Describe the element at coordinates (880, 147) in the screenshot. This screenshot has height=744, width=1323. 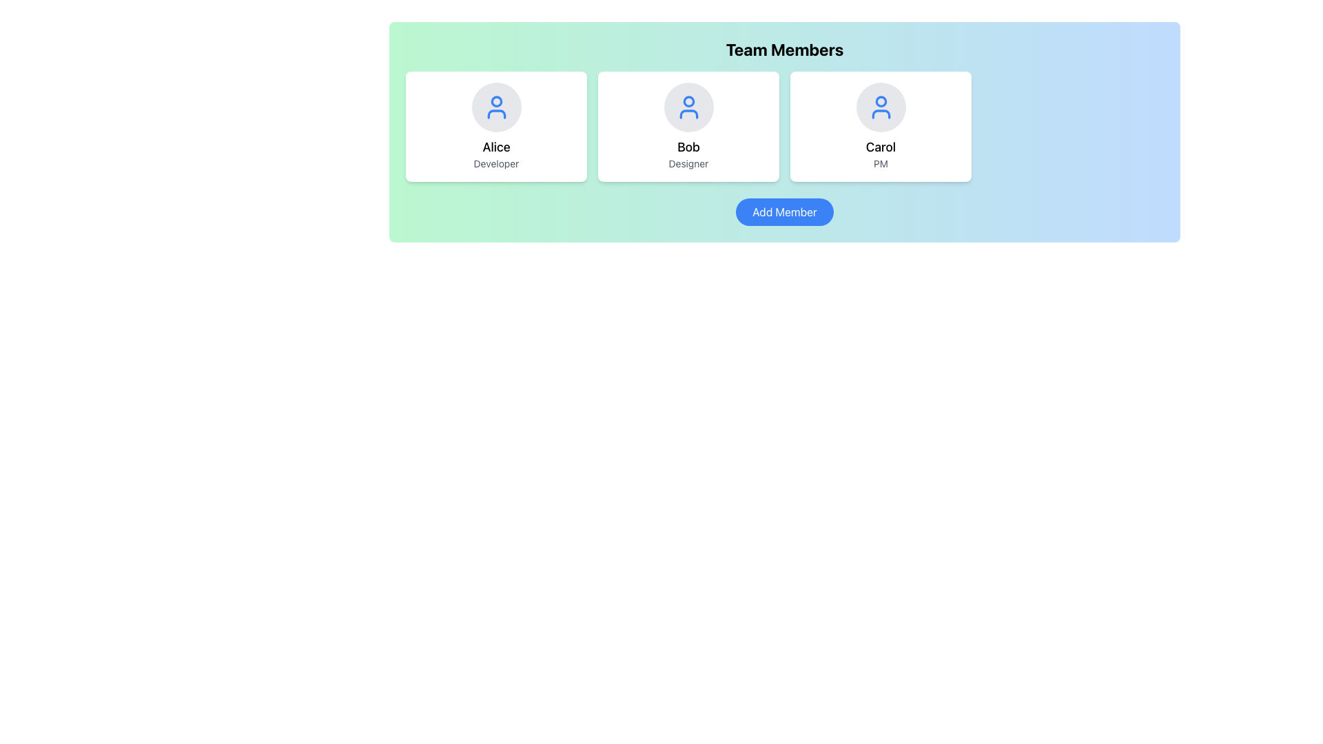
I see `text element 'Carol', which is styled with a medium-sized bold font and located within a white card layout, directly below an avatar and above the label 'PM'` at that location.